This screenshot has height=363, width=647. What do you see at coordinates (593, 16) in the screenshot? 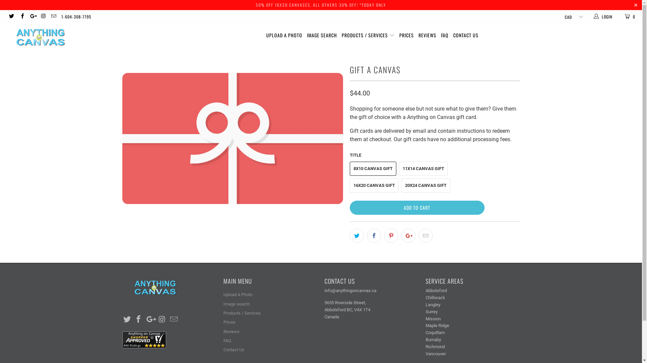
I see `'LOGIN'` at bounding box center [593, 16].